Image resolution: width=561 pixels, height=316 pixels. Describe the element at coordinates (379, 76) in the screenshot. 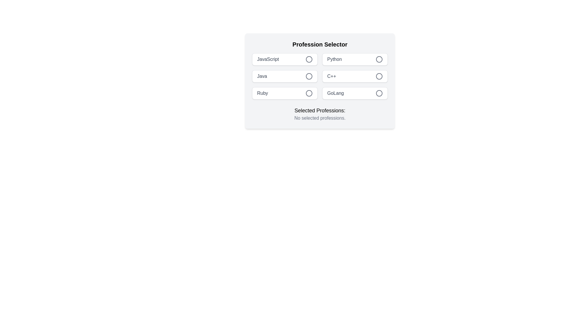

I see `the 'C++' radio button` at that location.